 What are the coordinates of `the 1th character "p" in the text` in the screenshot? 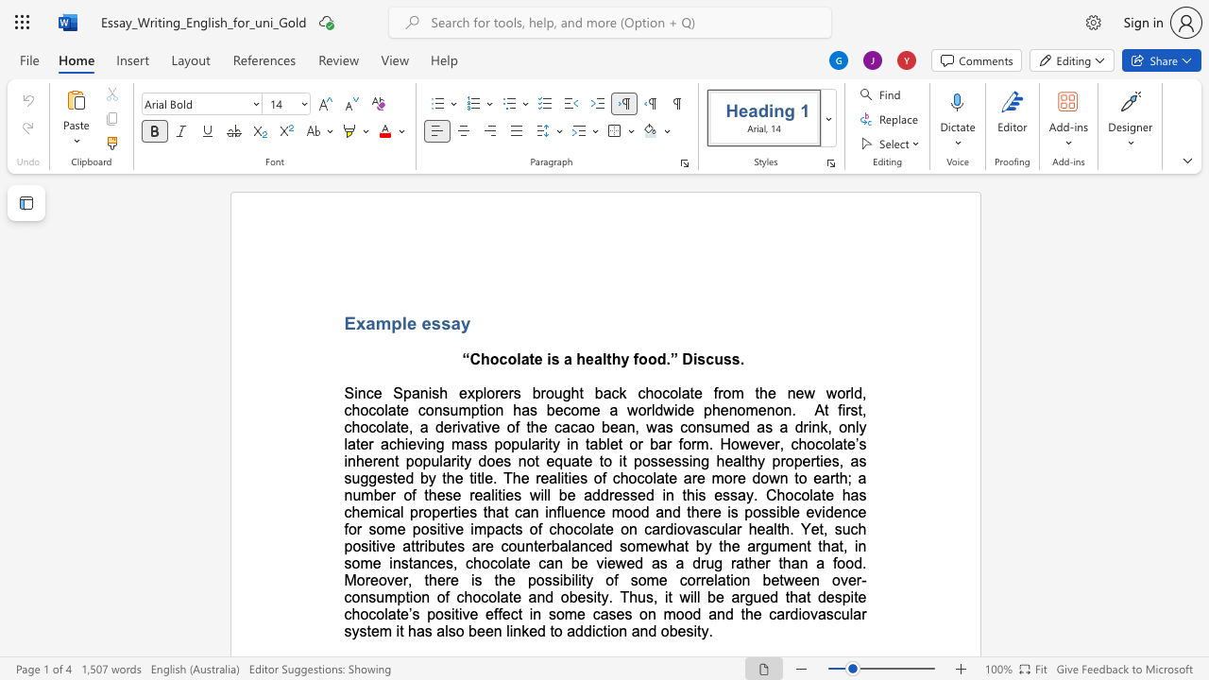 It's located at (638, 461).